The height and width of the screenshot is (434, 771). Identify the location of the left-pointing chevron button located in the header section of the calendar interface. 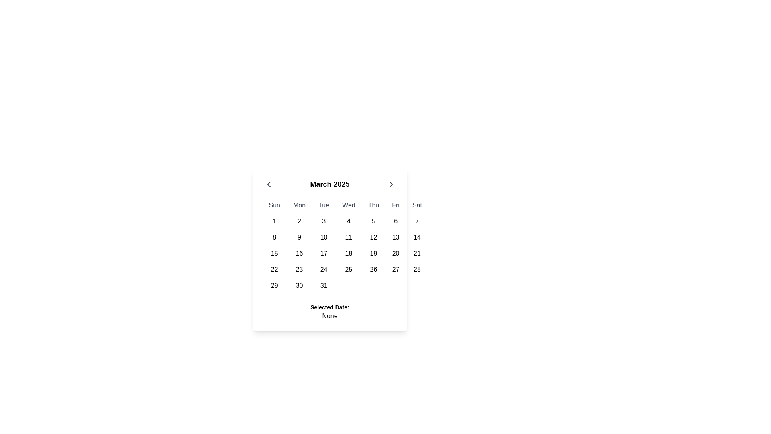
(269, 184).